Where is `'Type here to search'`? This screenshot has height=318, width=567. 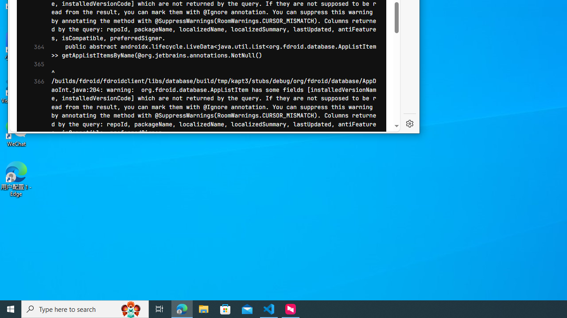 'Type here to search' is located at coordinates (85, 308).